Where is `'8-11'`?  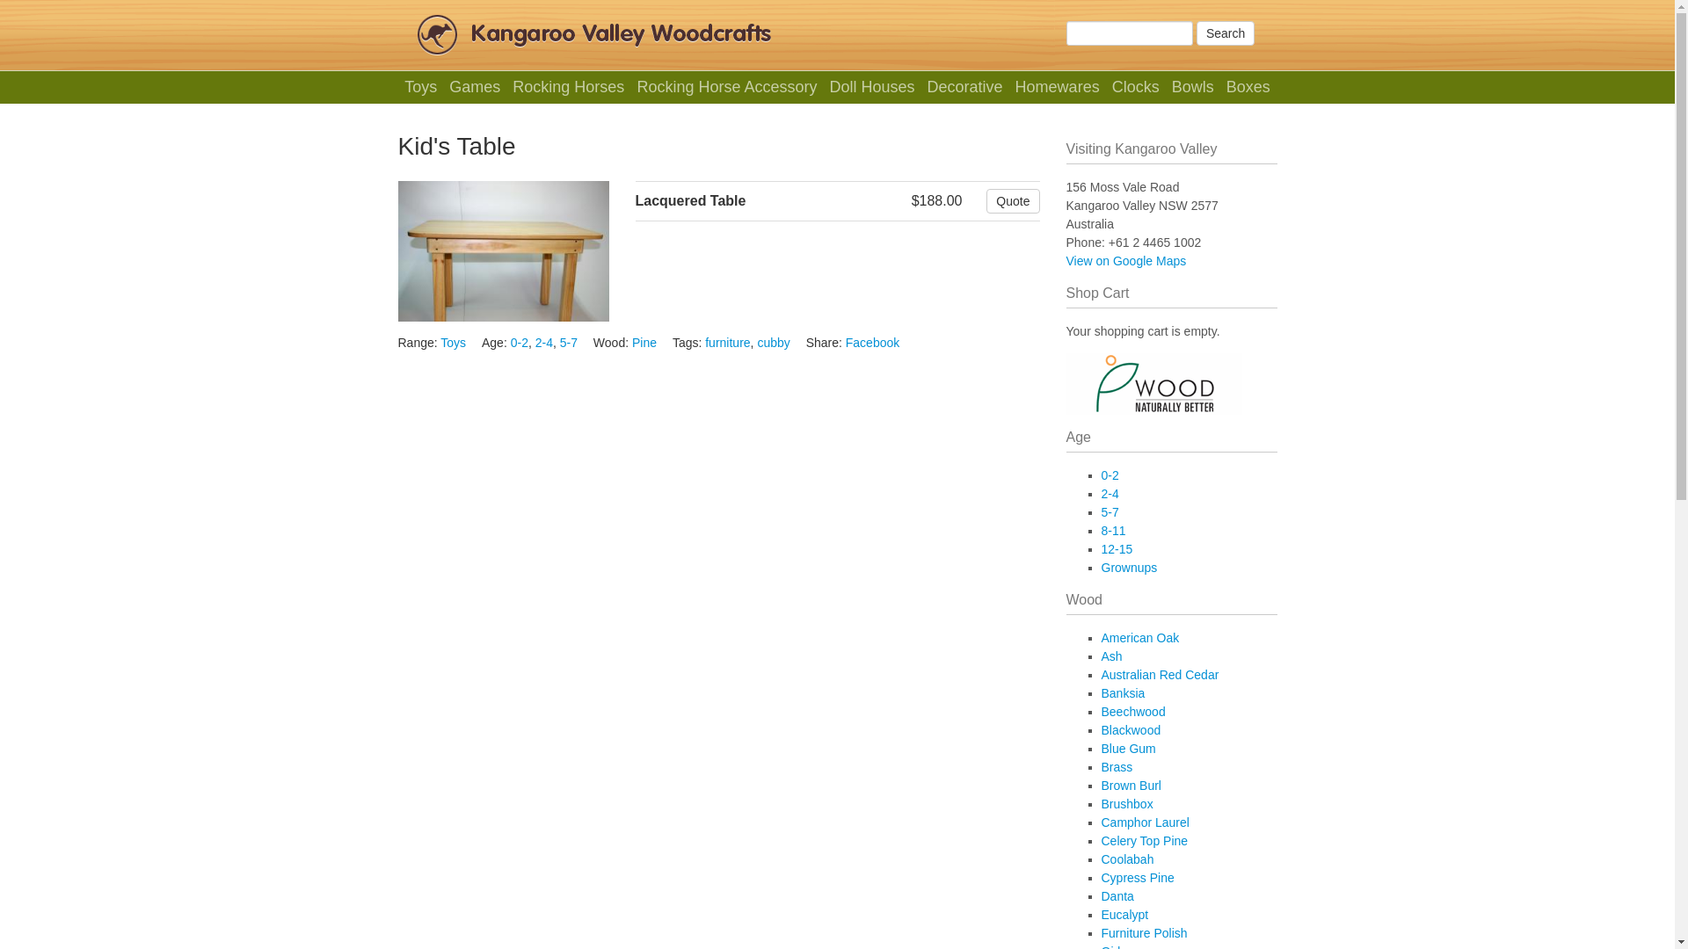 '8-11' is located at coordinates (1100, 530).